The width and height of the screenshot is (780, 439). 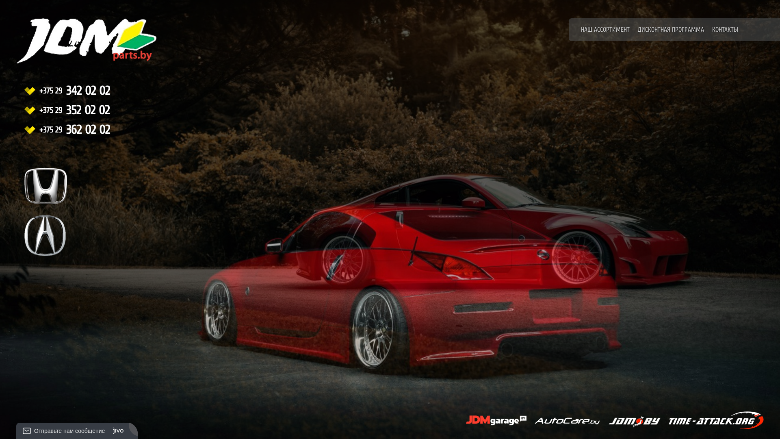 What do you see at coordinates (71, 49) in the screenshot?
I see `'JDMParts.by'` at bounding box center [71, 49].